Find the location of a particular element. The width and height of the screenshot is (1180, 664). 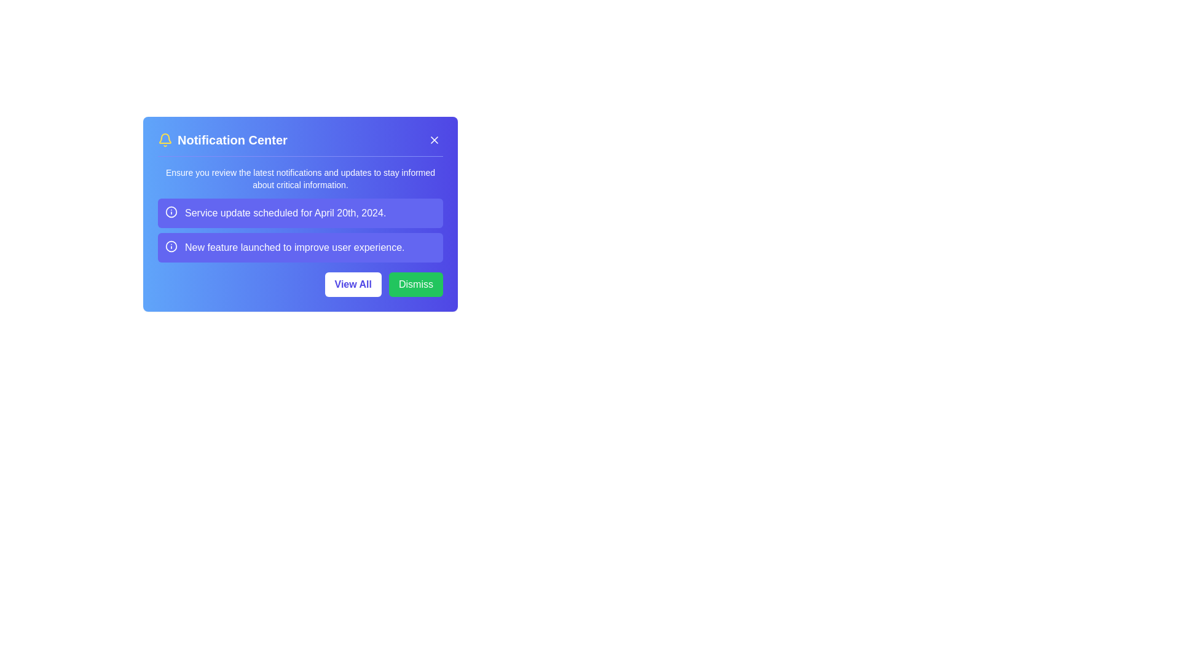

static text located at the top of the 'Notification Center' modal, which informs users about the importance of reviewing notifications and updates is located at coordinates (301, 178).